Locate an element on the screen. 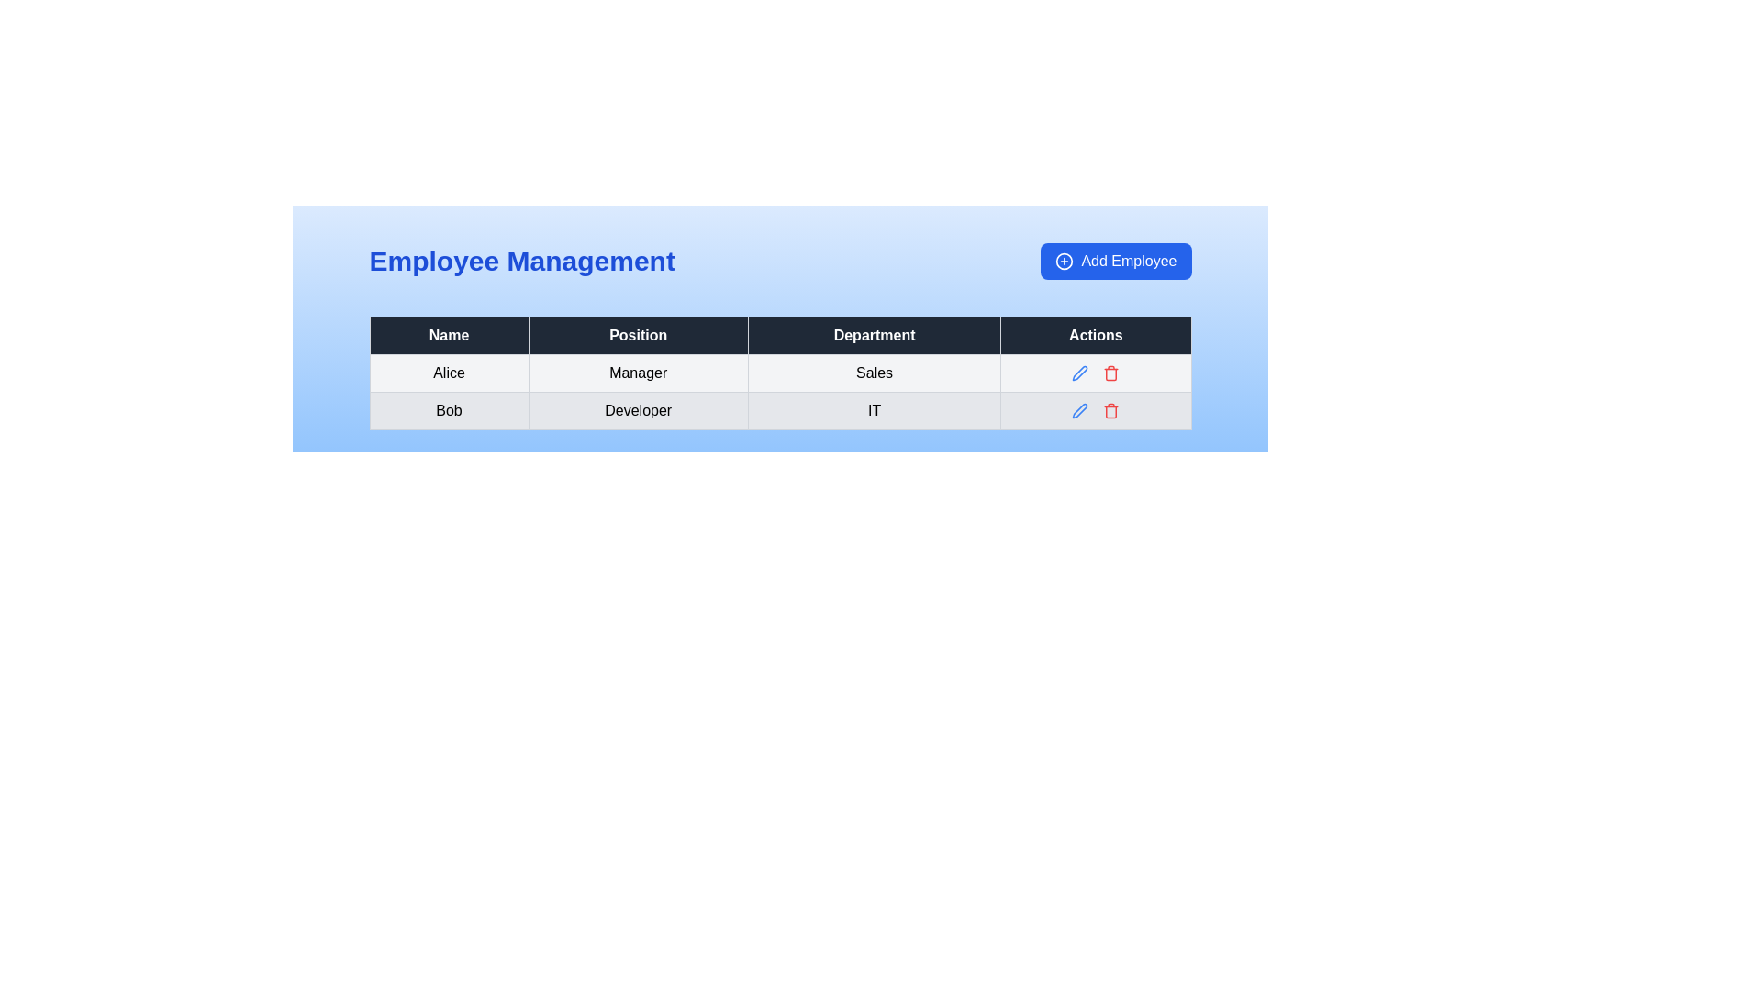 This screenshot has width=1762, height=991. the text label displaying 'Alice' in the 'Name' column of the table, which has a light gray background and is styled with padding and a border is located at coordinates (449, 373).